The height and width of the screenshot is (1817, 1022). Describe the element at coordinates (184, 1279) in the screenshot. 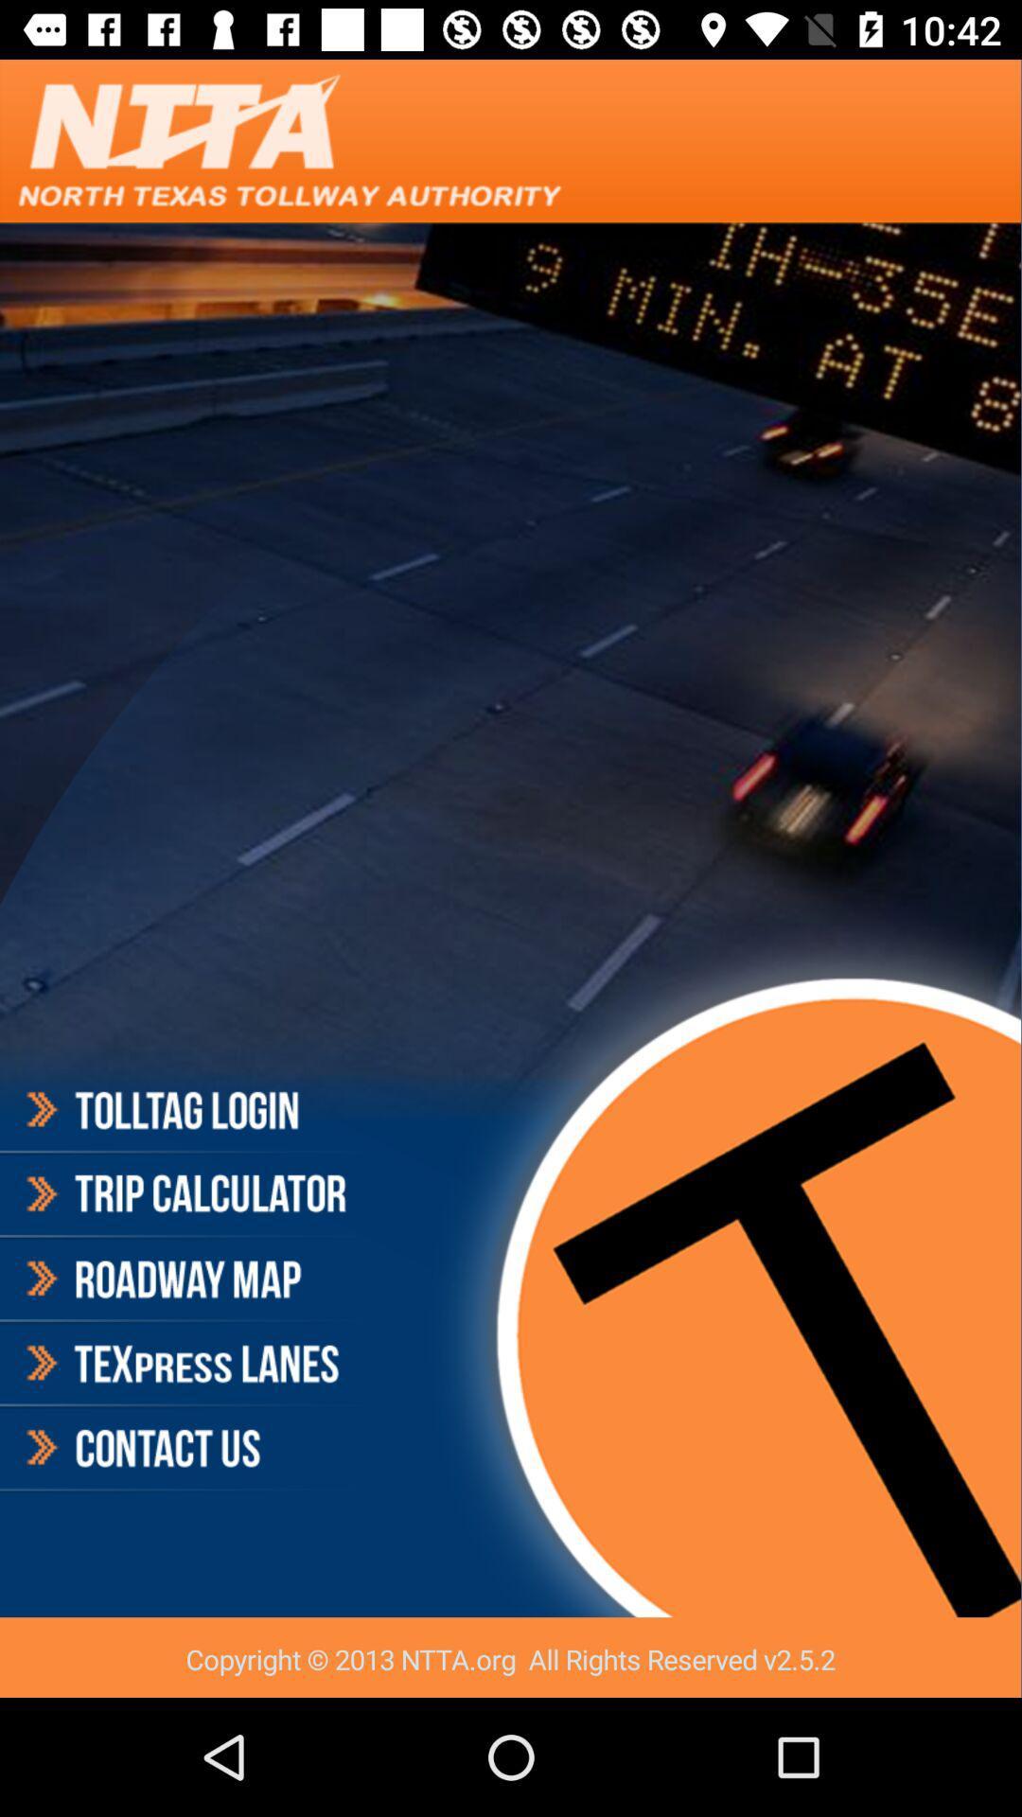

I see `menu` at that location.